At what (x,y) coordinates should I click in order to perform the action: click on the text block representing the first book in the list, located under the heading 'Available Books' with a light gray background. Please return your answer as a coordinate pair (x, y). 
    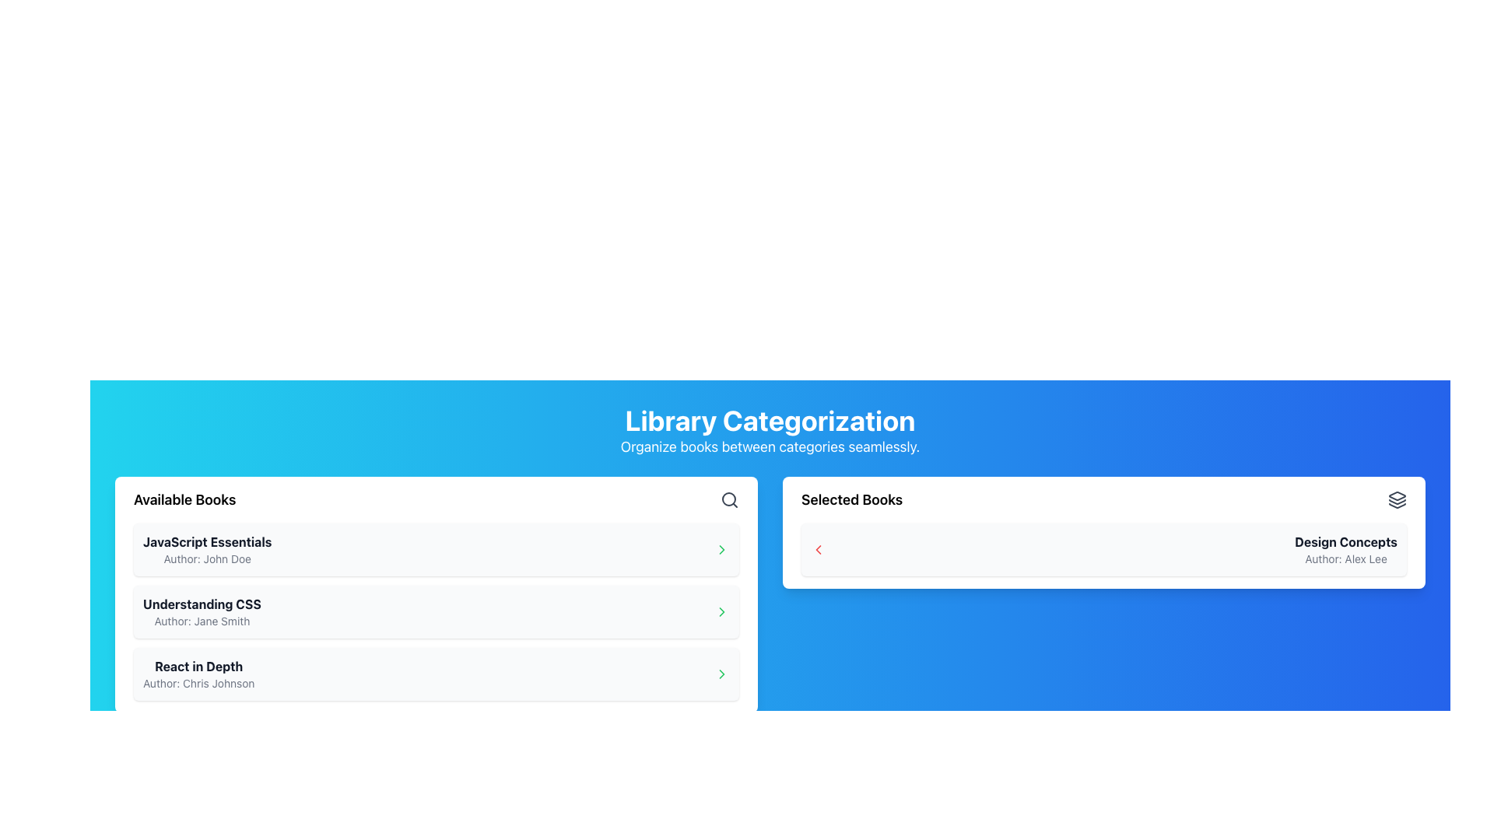
    Looking at the image, I should click on (206, 548).